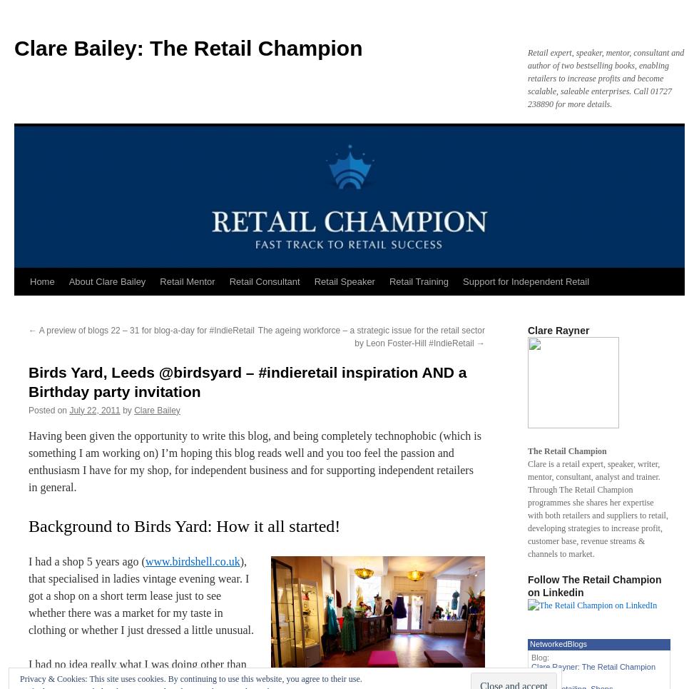 The width and height of the screenshot is (699, 689). Describe the element at coordinates (558, 330) in the screenshot. I see `'Clare Rayner'` at that location.